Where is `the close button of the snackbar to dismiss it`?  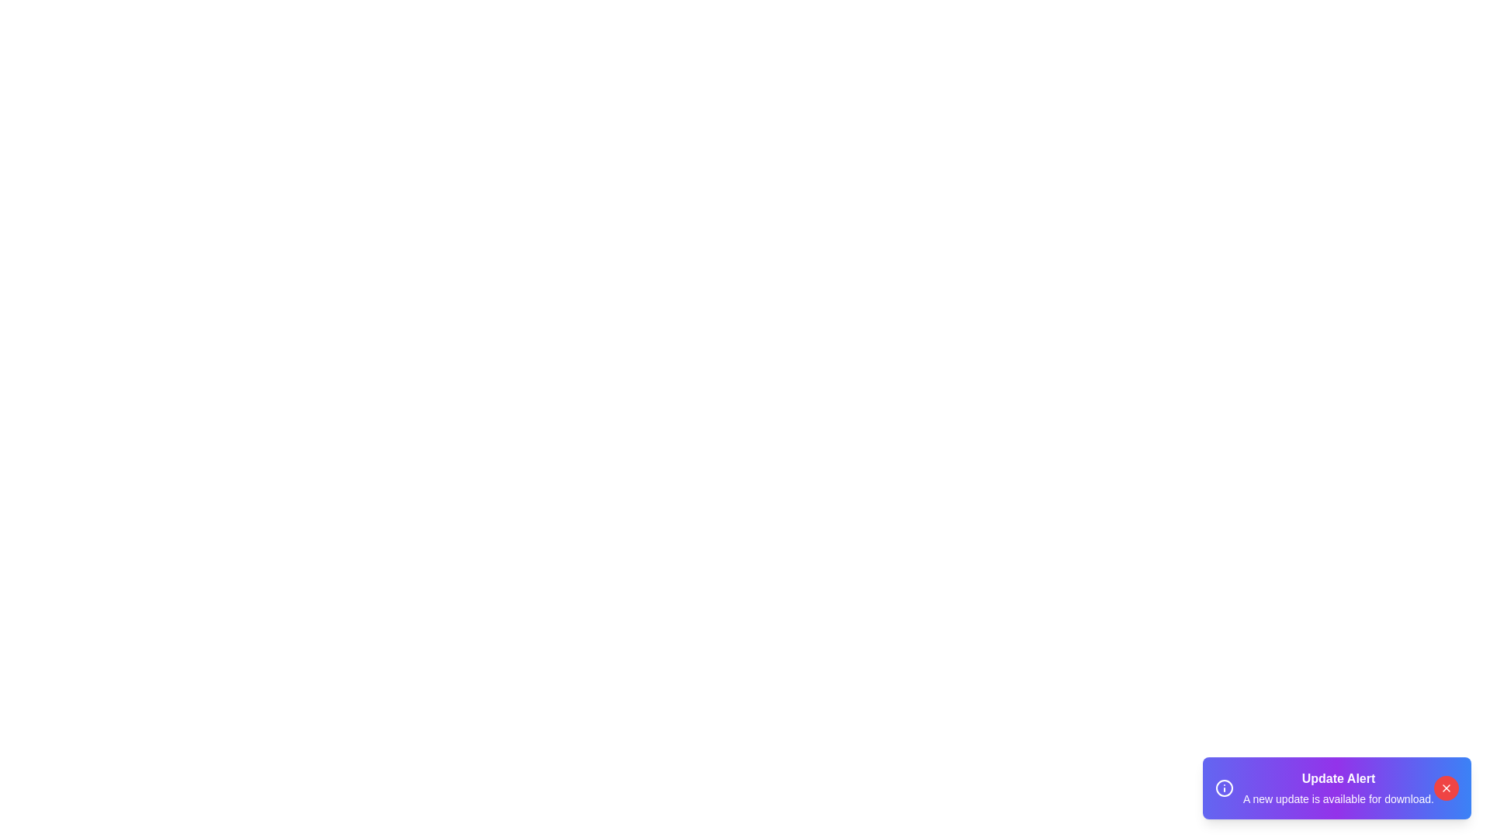
the close button of the snackbar to dismiss it is located at coordinates (1445, 788).